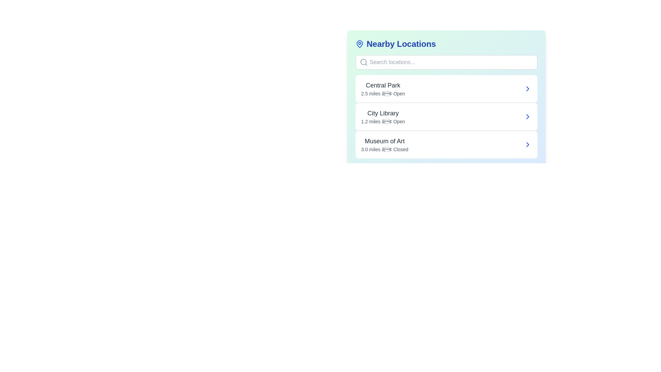  Describe the element at coordinates (527, 116) in the screenshot. I see `the navigational icon or button for 'City Library' located at the end of its list item` at that location.